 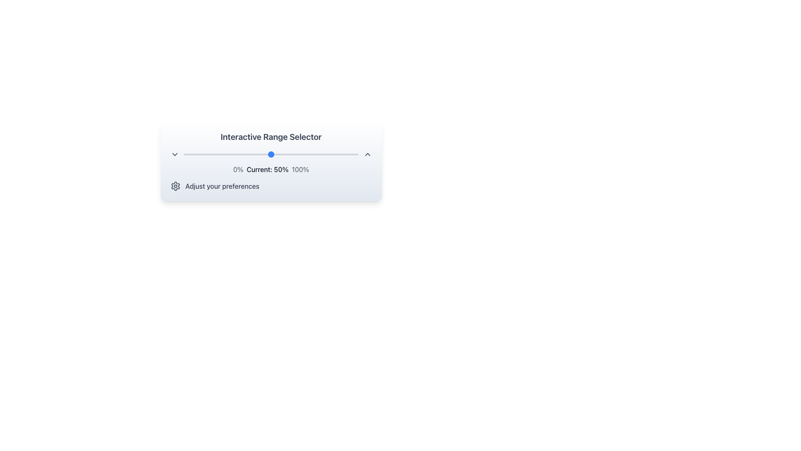 What do you see at coordinates (238, 169) in the screenshot?
I see `the text element displaying '0%' which is styled in gray and located at the leftmost position of the percentage-related texts group` at bounding box center [238, 169].